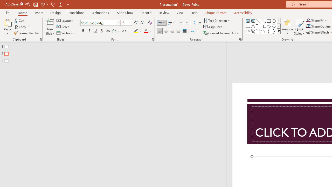 This screenshot has height=187, width=332. I want to click on 'Outline', so click(115, 52).